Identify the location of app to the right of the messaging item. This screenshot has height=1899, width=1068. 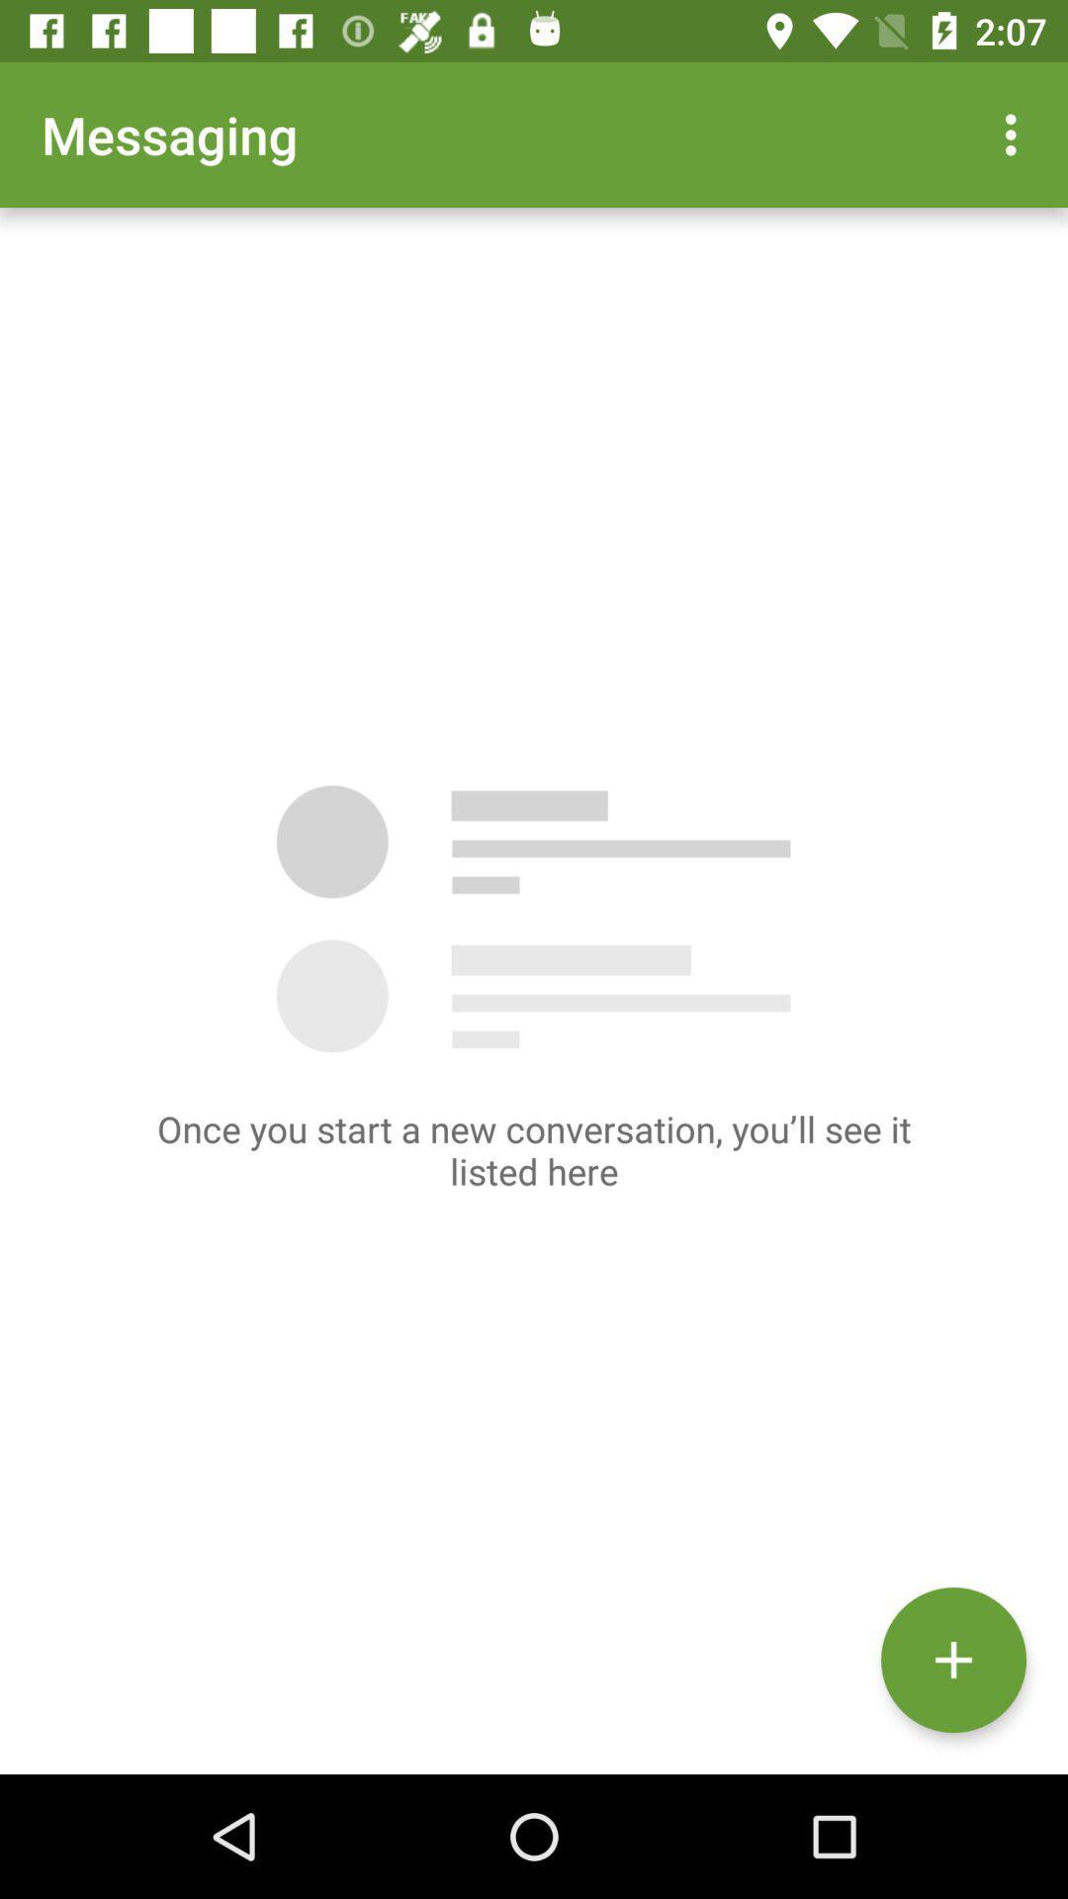
(1016, 134).